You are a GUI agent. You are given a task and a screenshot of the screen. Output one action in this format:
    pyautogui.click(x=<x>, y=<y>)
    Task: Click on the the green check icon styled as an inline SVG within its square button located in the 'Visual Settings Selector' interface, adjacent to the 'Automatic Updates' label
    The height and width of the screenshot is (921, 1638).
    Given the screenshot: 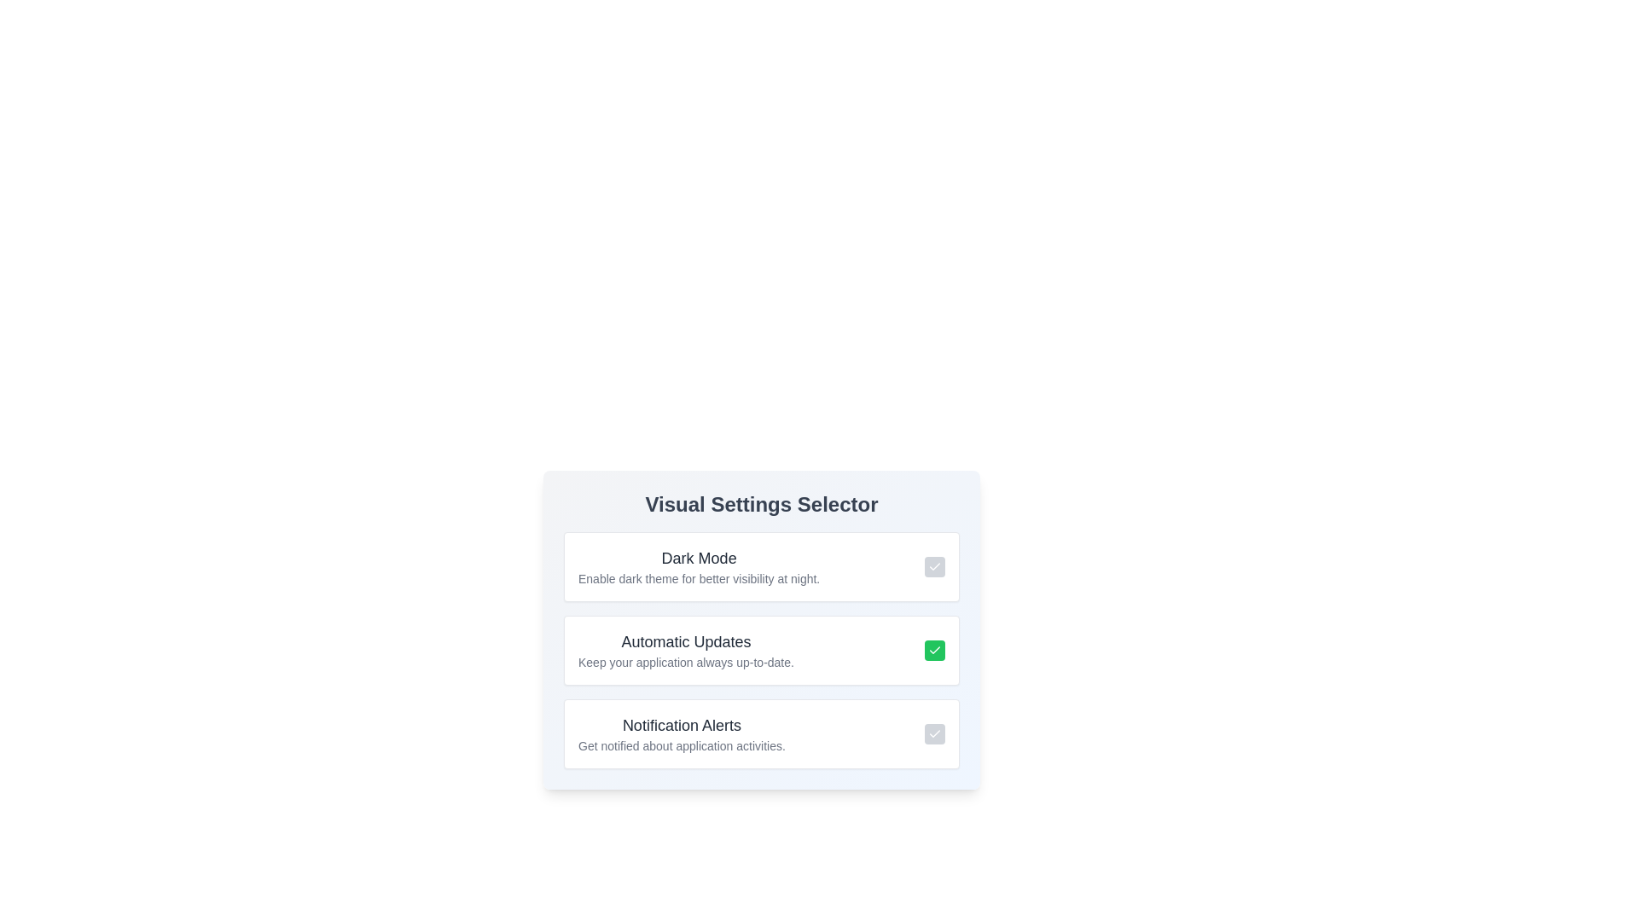 What is the action you would take?
    pyautogui.click(x=933, y=651)
    